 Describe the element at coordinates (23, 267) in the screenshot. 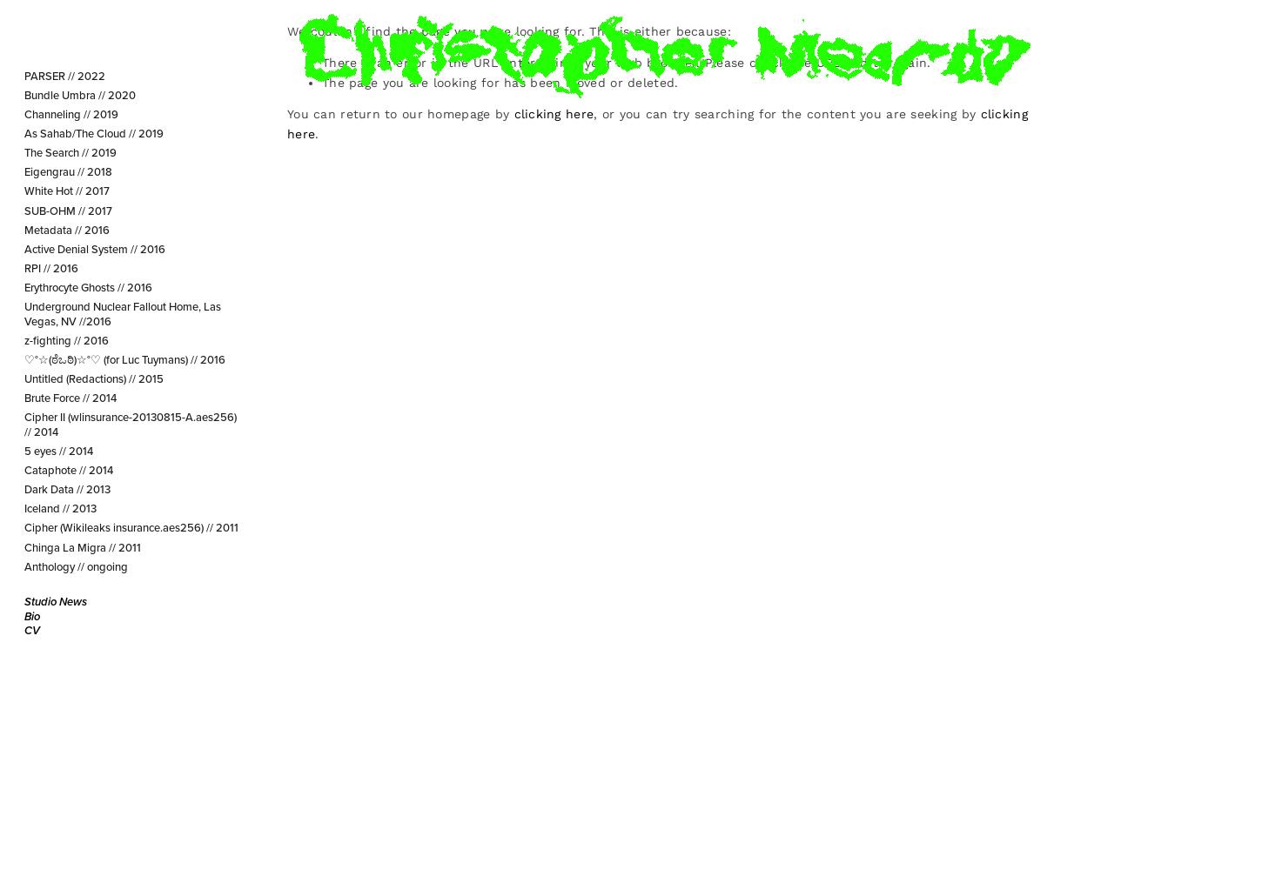

I see `'RPI // 2016'` at that location.